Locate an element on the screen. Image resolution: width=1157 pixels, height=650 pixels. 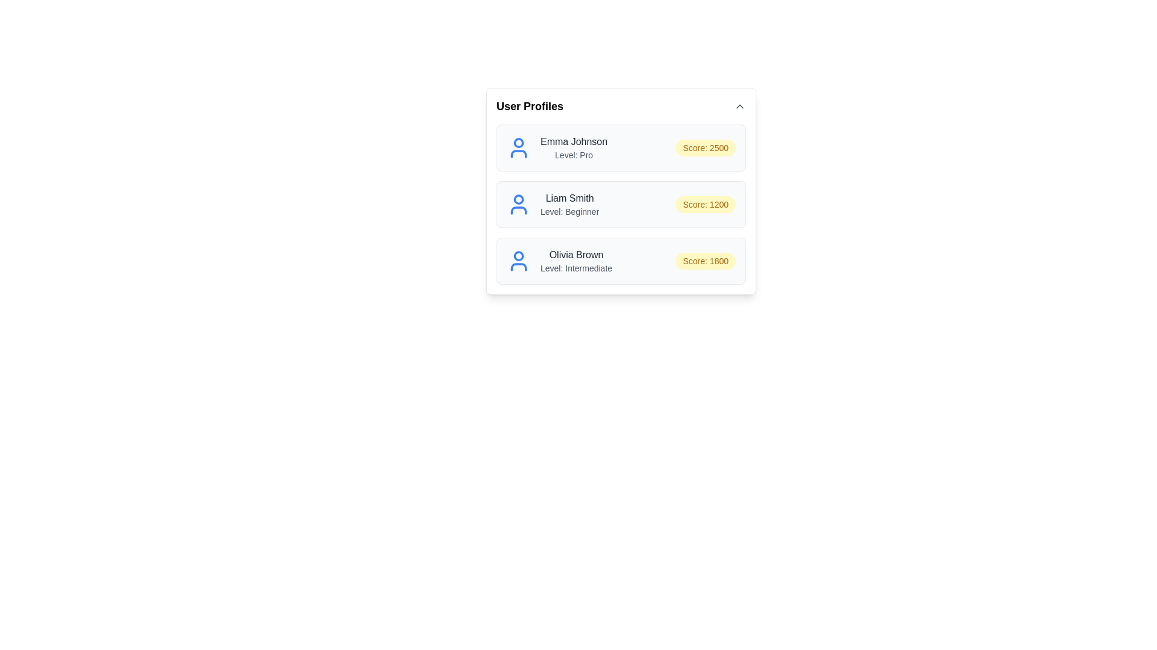
the upward-pointing chevron icon button located to the right of the 'User Profiles' header is located at coordinates (739, 106).